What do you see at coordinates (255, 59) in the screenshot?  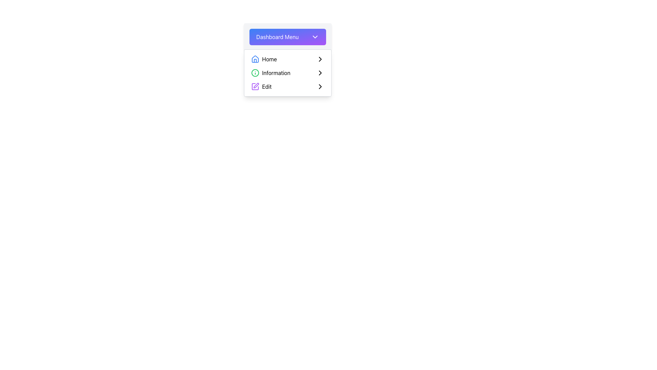 I see `the house-shaped icon with a blue stroke in the first position of the dropdown menu, adjacent to the 'Home' label` at bounding box center [255, 59].